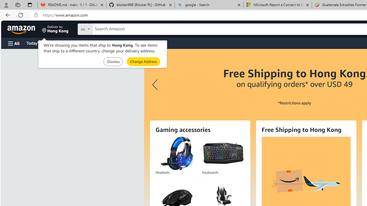 The height and width of the screenshot is (206, 367). Describe the element at coordinates (14, 43) in the screenshot. I see `'Open Menu'` at that location.